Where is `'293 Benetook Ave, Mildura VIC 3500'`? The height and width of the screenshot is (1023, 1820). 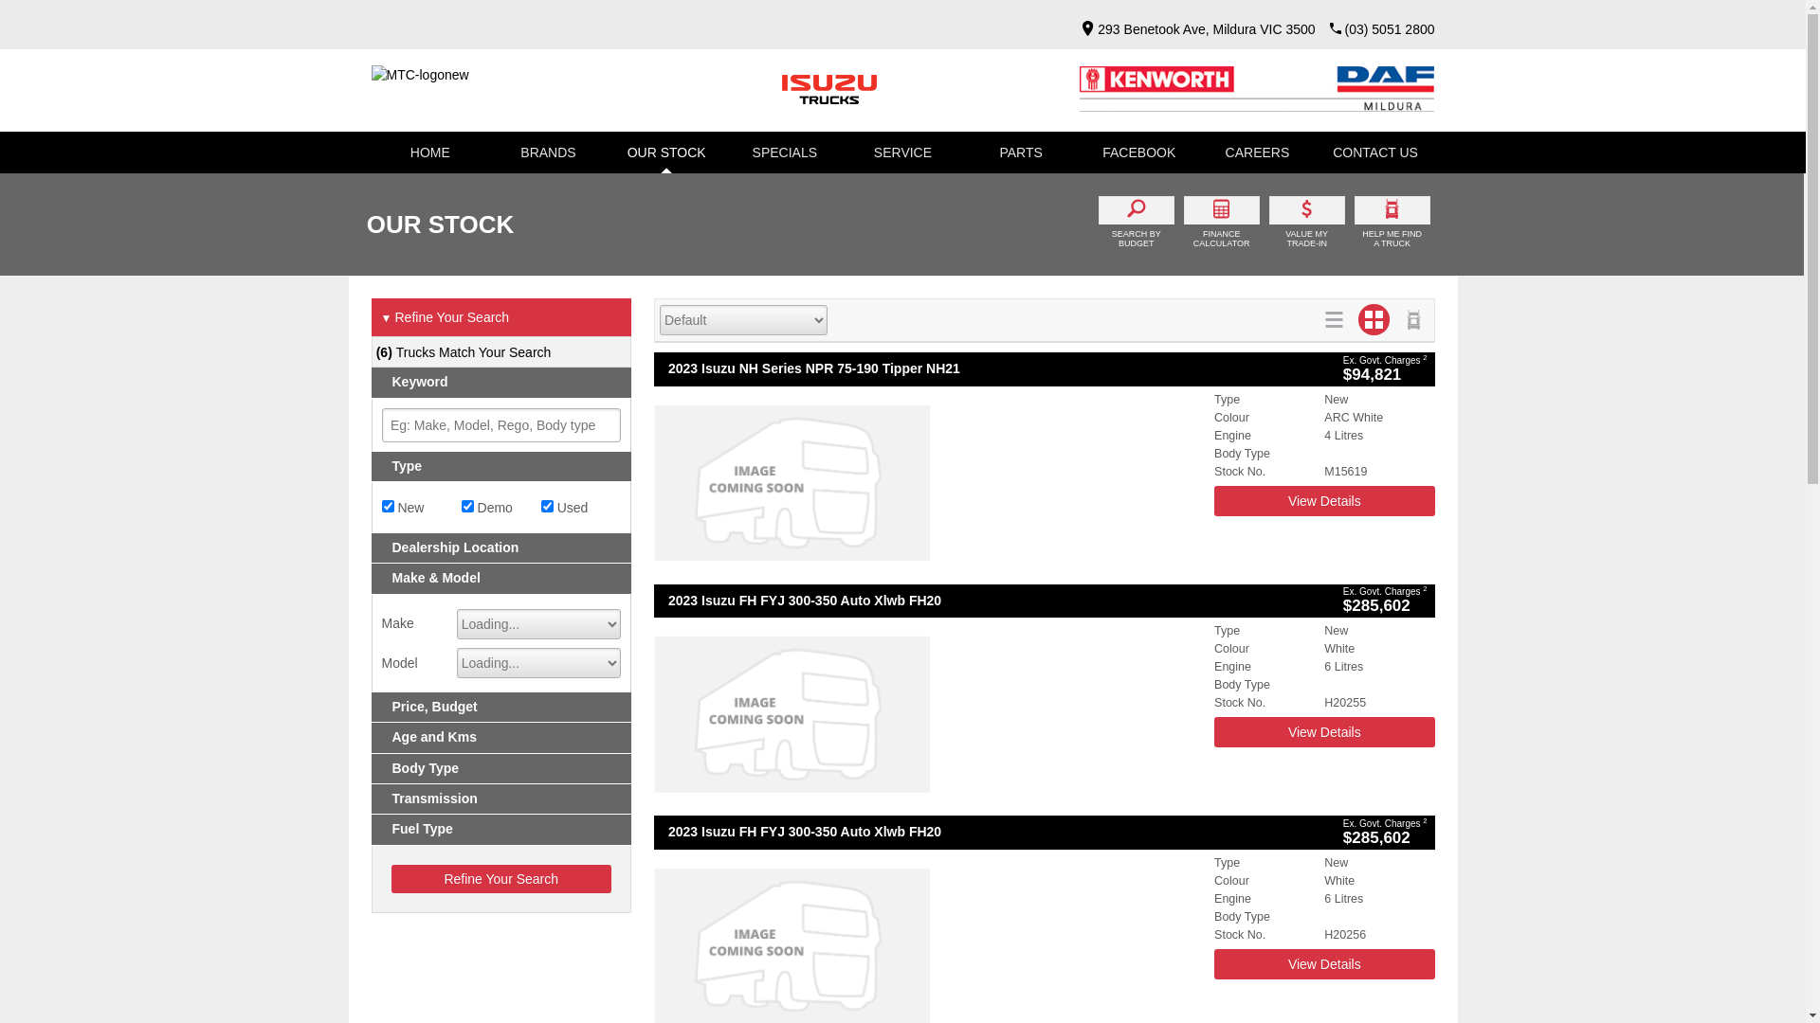
'293 Benetook Ave, Mildura VIC 3500' is located at coordinates (1192, 28).